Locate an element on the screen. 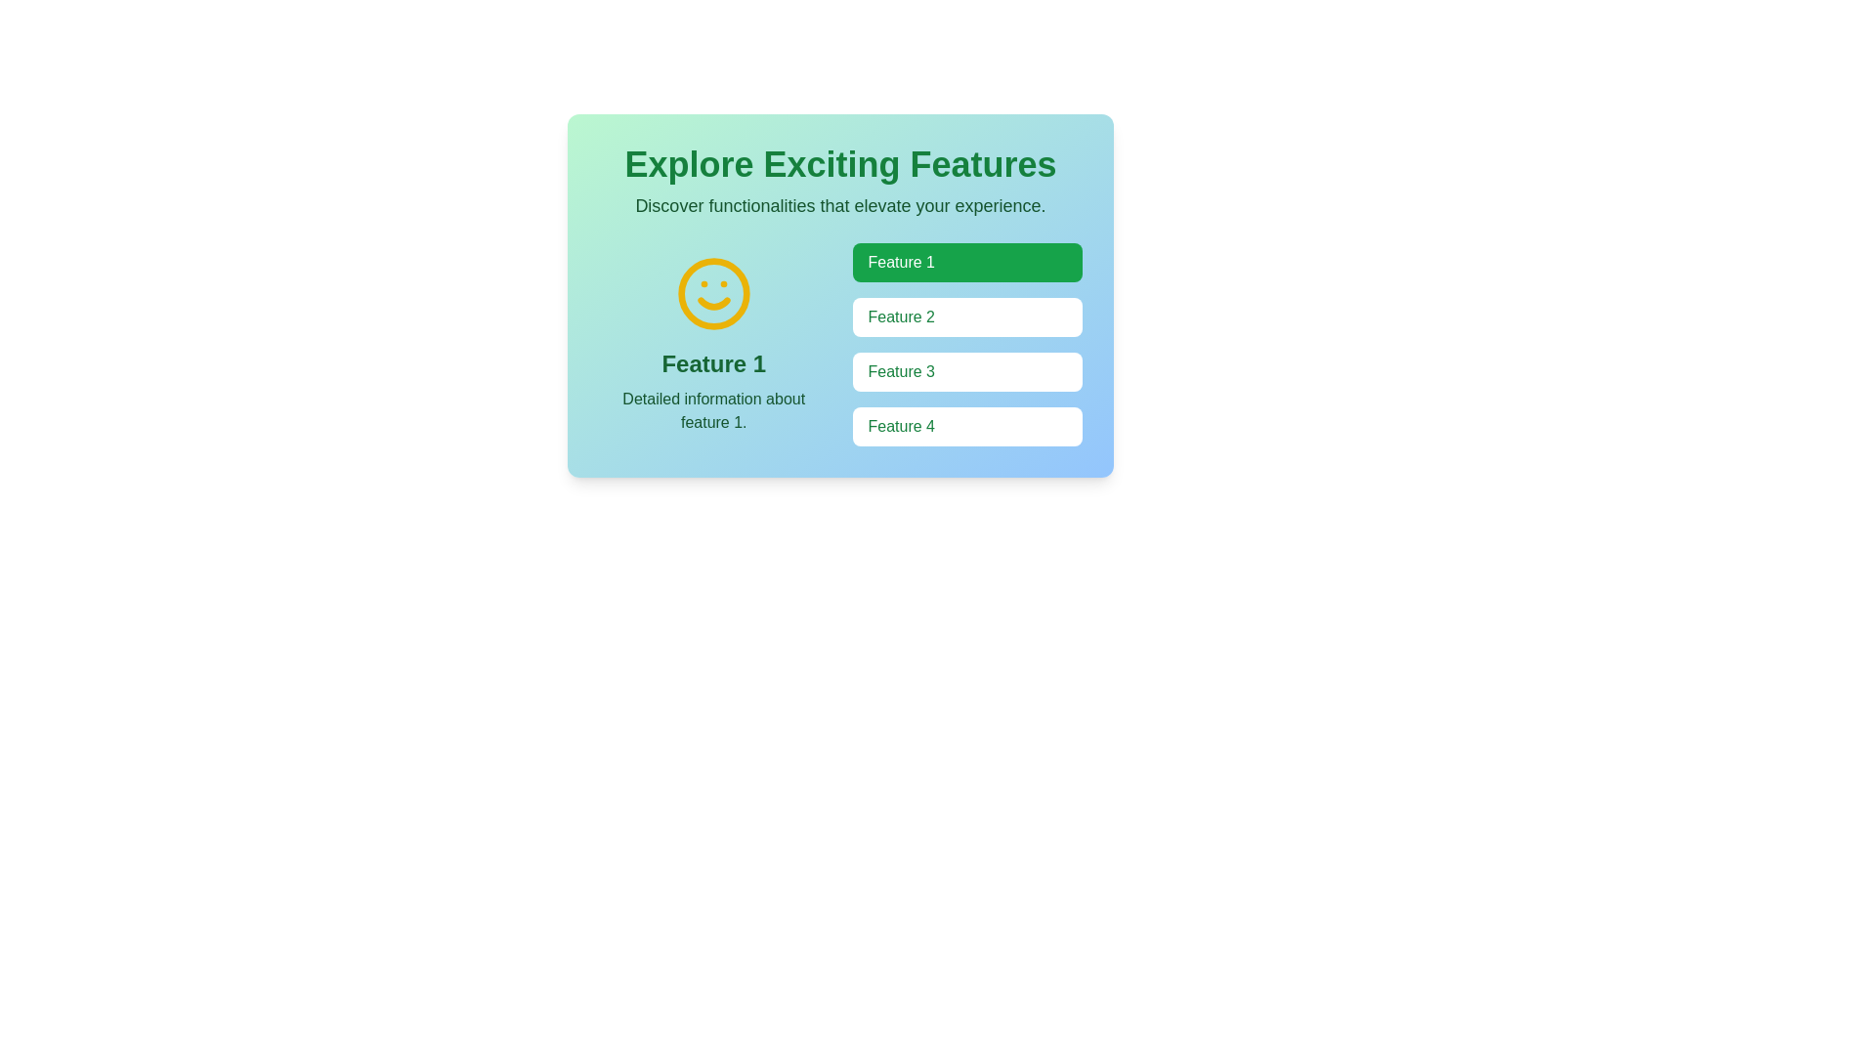 This screenshot has height=1055, width=1876. SVG circle element that visually represents a component of a smiley face, positioned centrally within the smiley face icon on the left side of the card layout is located at coordinates (712, 293).